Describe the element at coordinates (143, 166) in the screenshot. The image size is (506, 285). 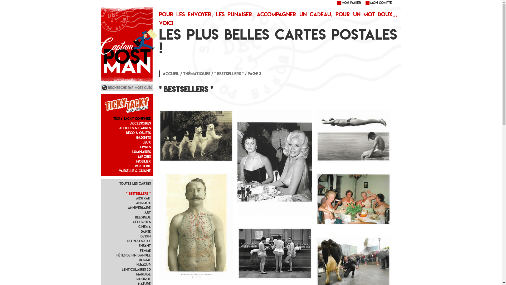
I see `'Papeterie'` at that location.